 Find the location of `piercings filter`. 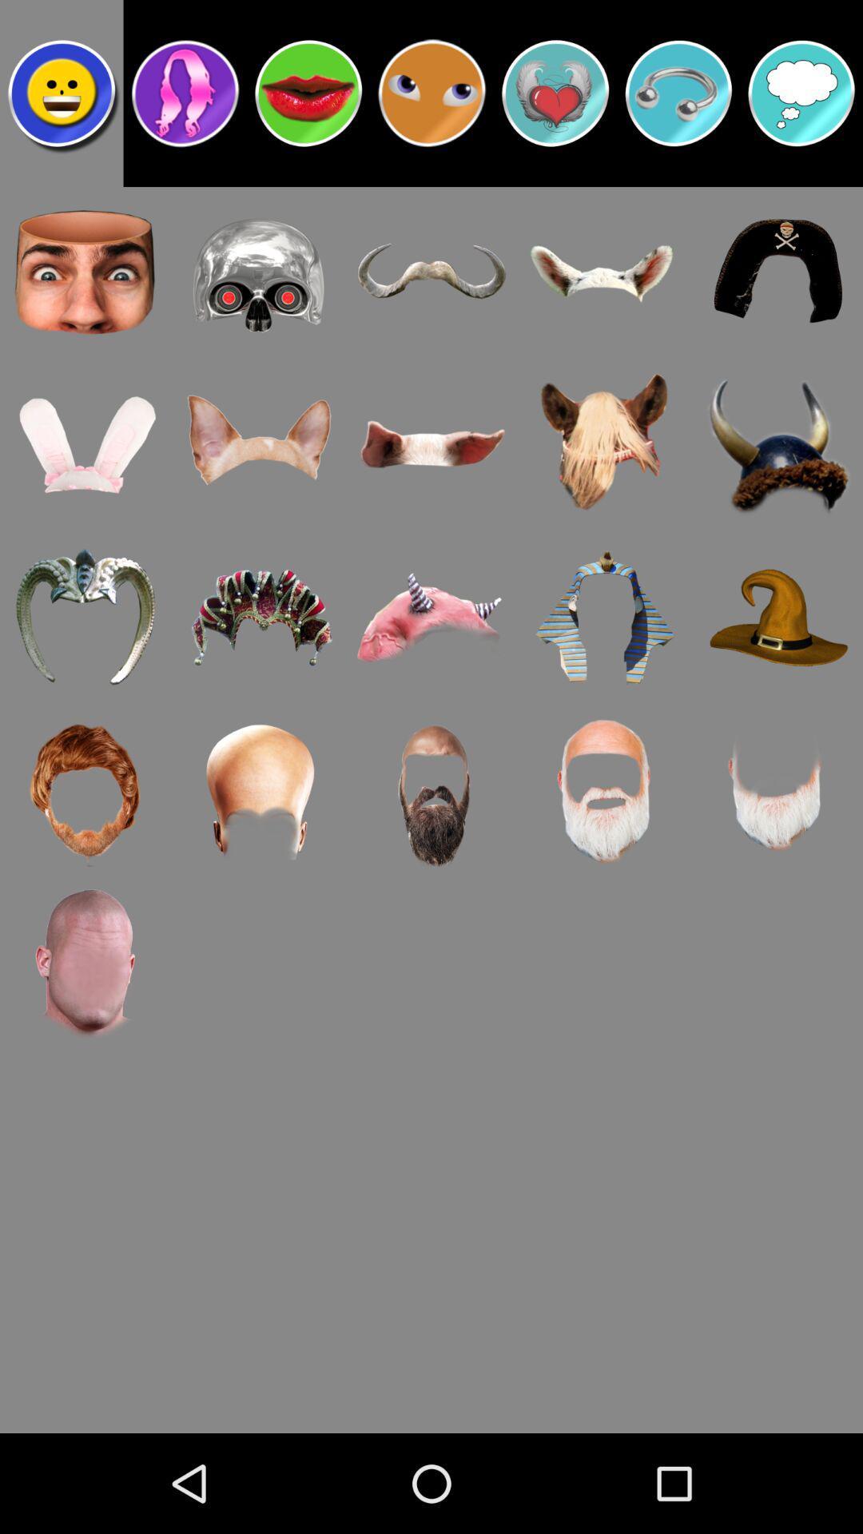

piercings filter is located at coordinates (678, 92).